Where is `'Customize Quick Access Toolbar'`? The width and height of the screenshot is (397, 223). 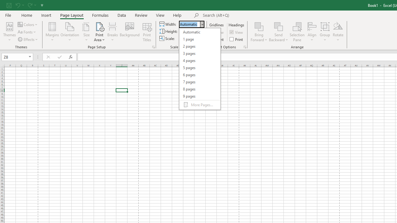 'Customize Quick Access Toolbar' is located at coordinates (42, 5).